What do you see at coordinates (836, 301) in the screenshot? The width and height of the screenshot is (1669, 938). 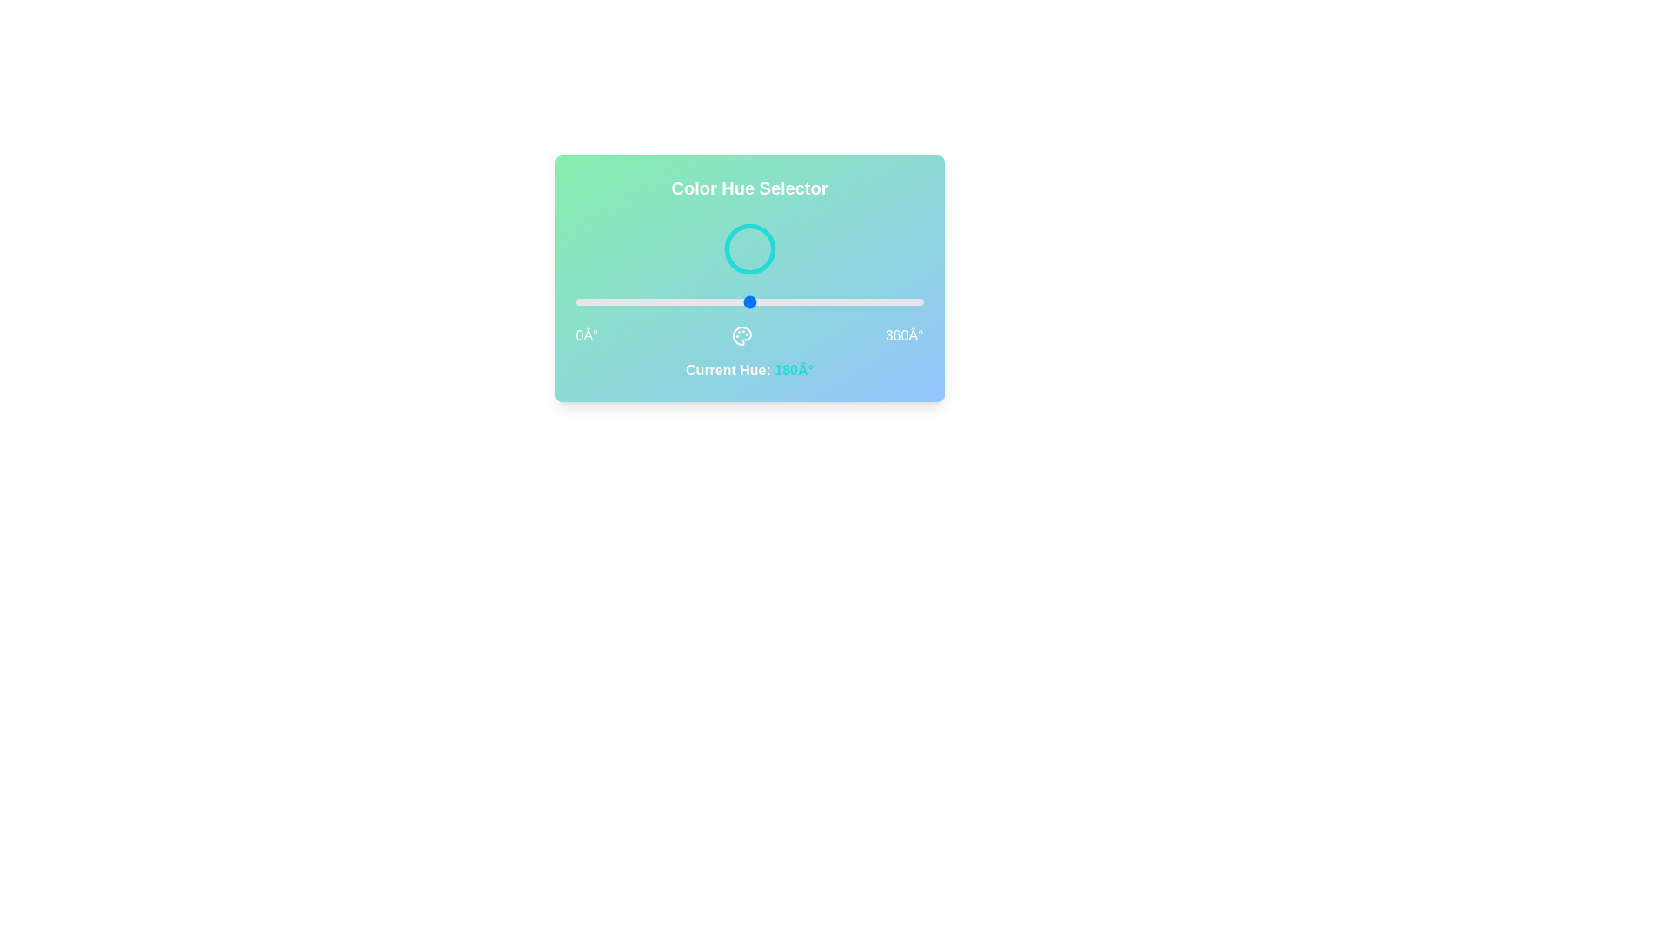 I see `the hue value to 270 by interacting with the slider` at bounding box center [836, 301].